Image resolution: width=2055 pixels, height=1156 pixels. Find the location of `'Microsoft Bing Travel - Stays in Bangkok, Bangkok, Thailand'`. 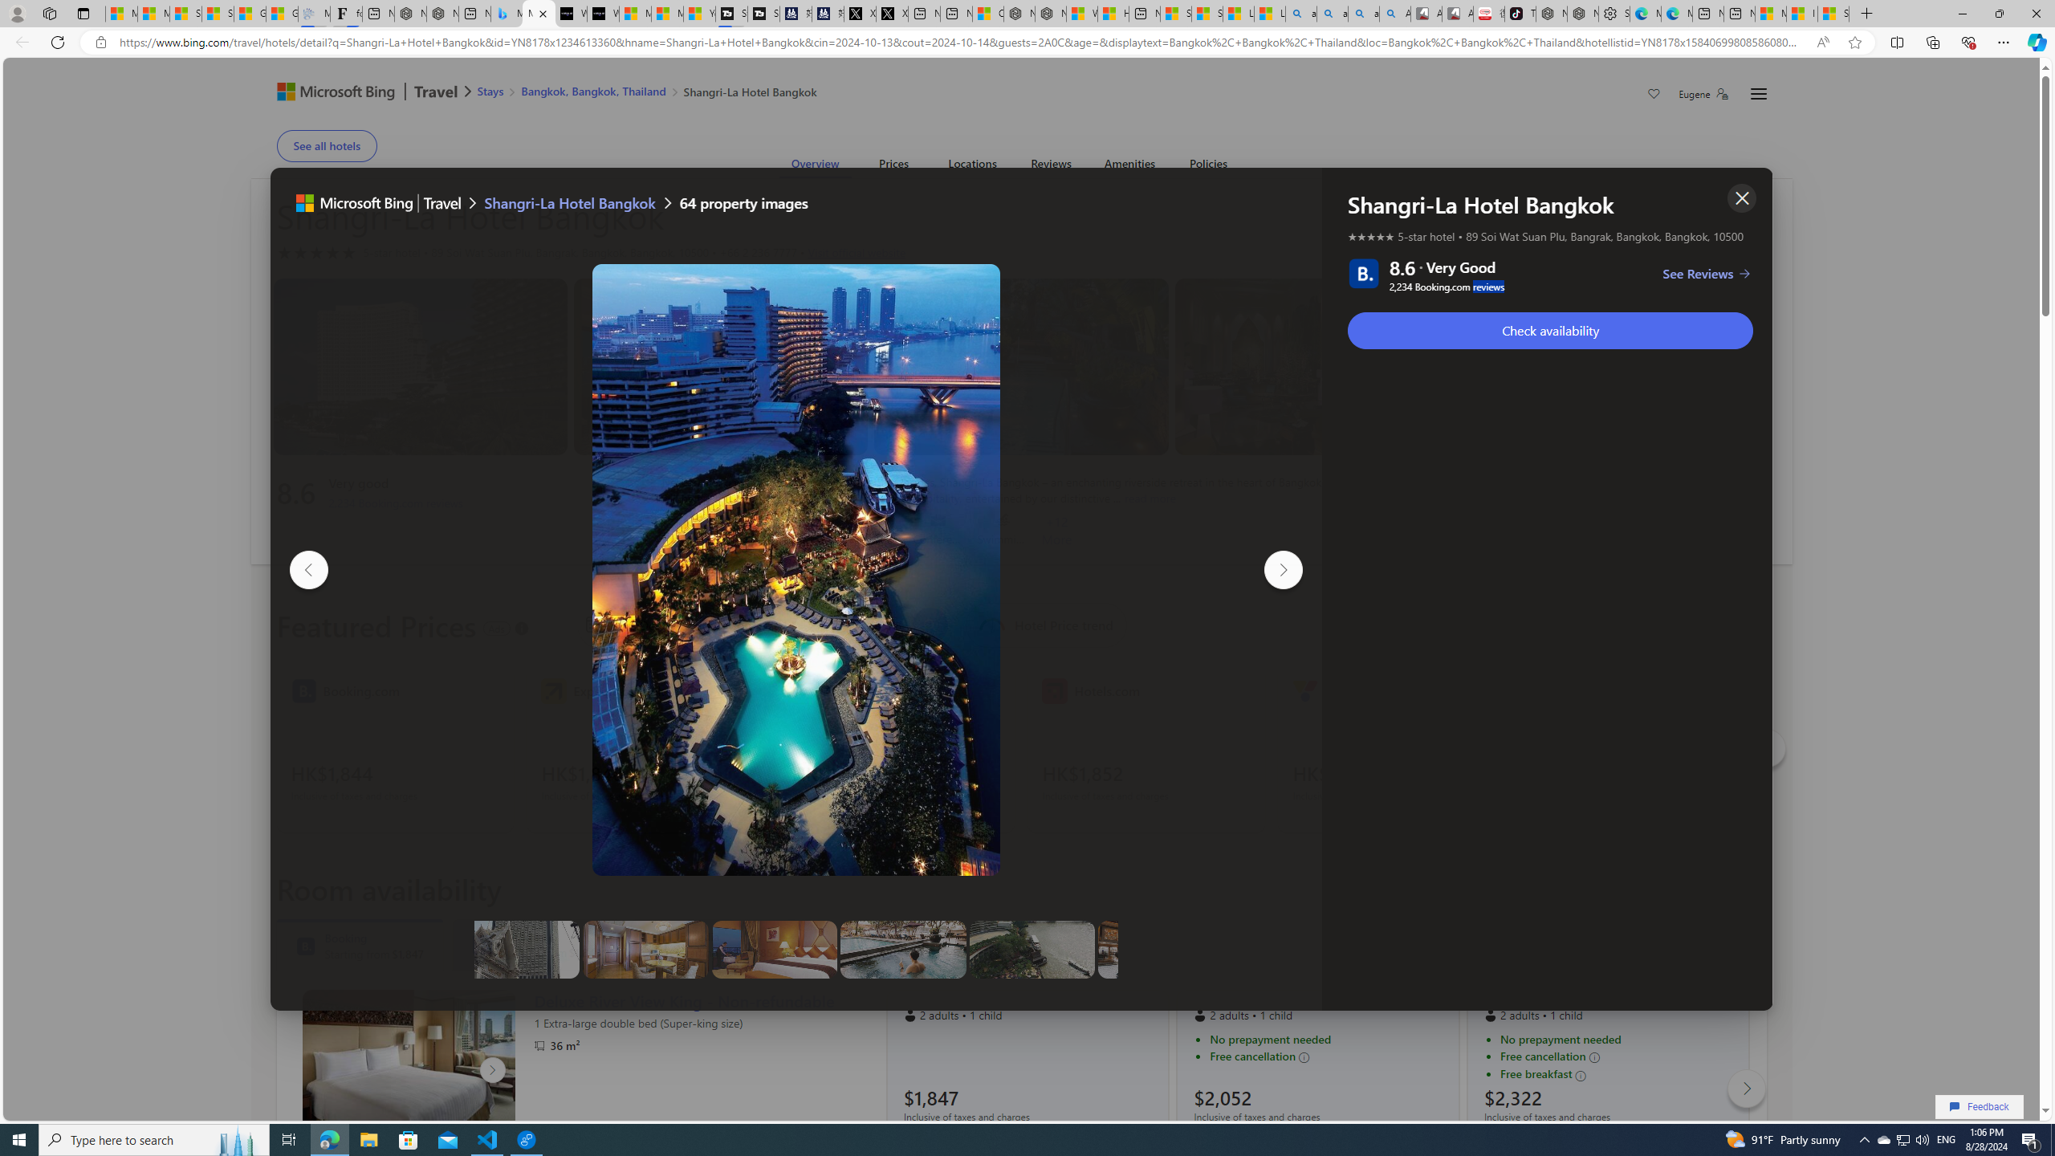

'Microsoft Bing Travel - Stays in Bangkok, Bangkok, Thailand' is located at coordinates (507, 13).